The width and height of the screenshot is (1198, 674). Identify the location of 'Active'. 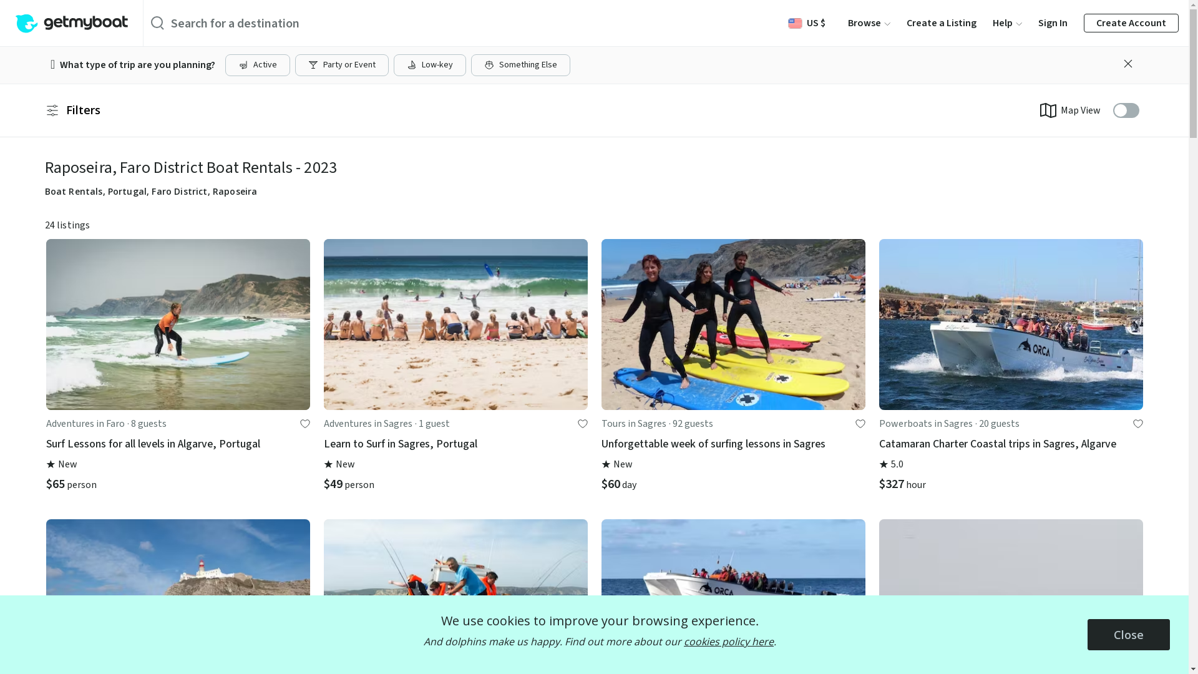
(256, 65).